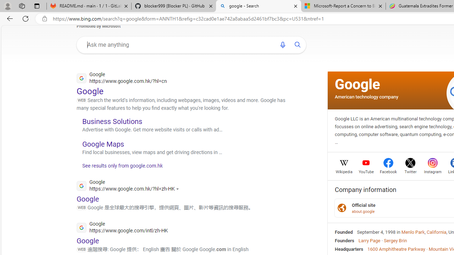 This screenshot has width=454, height=255. Describe the element at coordinates (369, 240) in the screenshot. I see `'Larry Page'` at that location.